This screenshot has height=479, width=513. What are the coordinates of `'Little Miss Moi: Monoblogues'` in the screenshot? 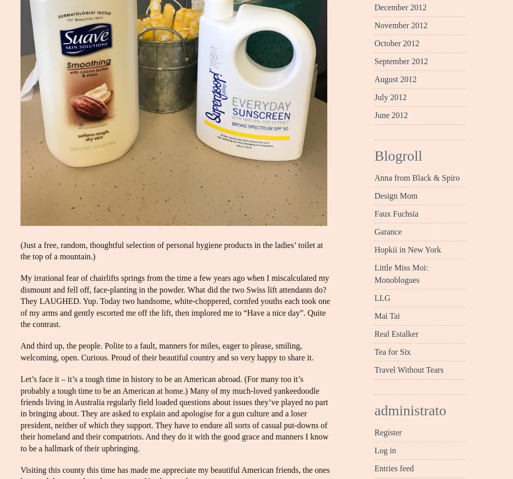 It's located at (401, 273).